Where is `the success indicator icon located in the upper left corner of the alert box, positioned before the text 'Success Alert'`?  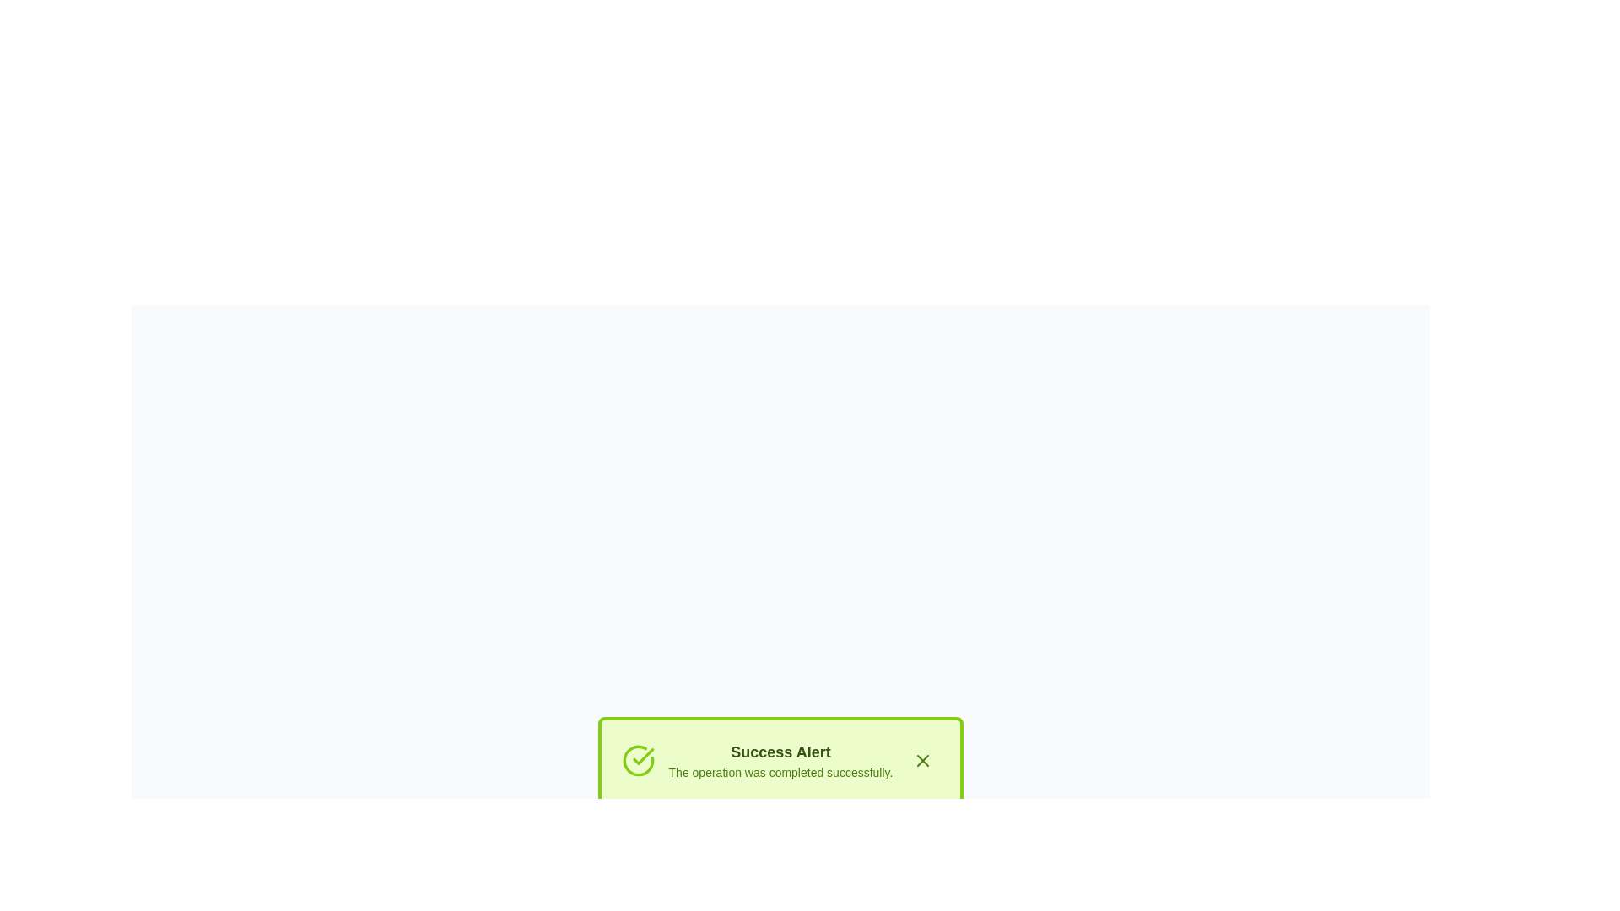
the success indicator icon located in the upper left corner of the alert box, positioned before the text 'Success Alert' is located at coordinates (637, 761).